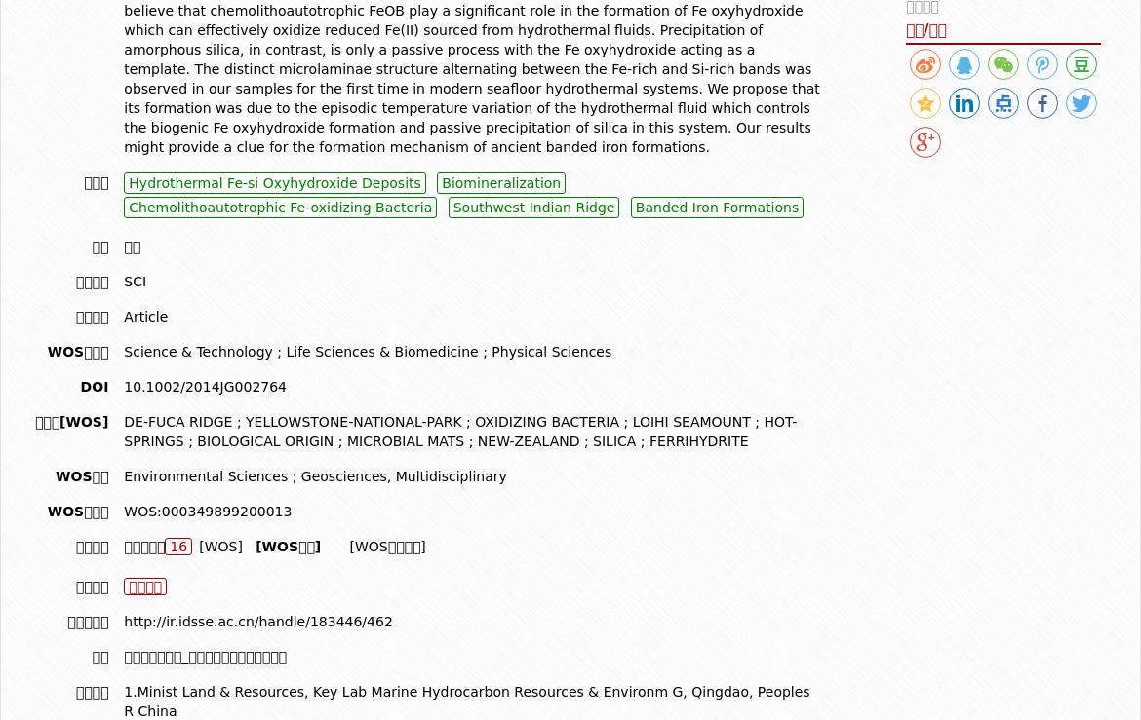 The height and width of the screenshot is (720, 1141). Describe the element at coordinates (122, 281) in the screenshot. I see `'SCI'` at that location.